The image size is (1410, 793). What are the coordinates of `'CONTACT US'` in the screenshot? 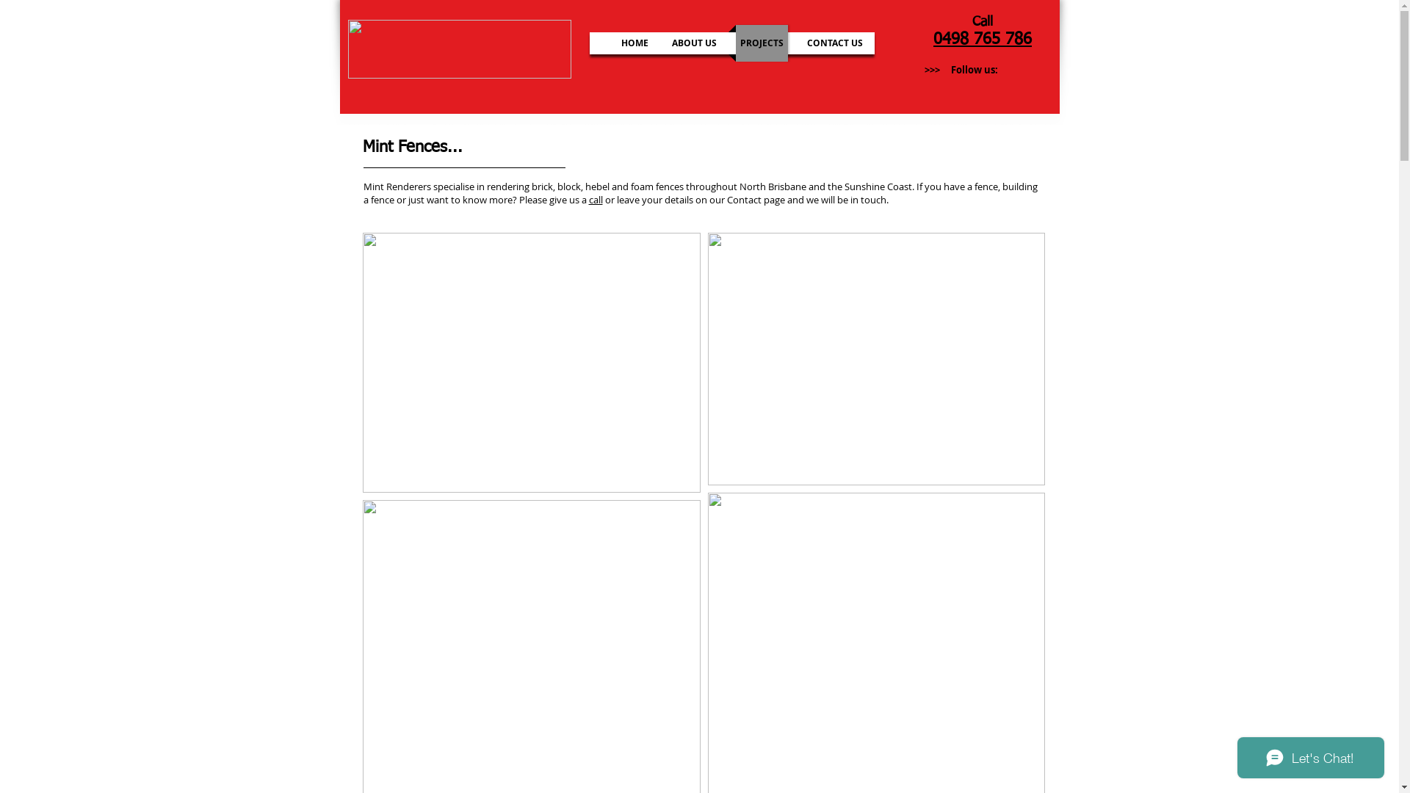 It's located at (834, 42).